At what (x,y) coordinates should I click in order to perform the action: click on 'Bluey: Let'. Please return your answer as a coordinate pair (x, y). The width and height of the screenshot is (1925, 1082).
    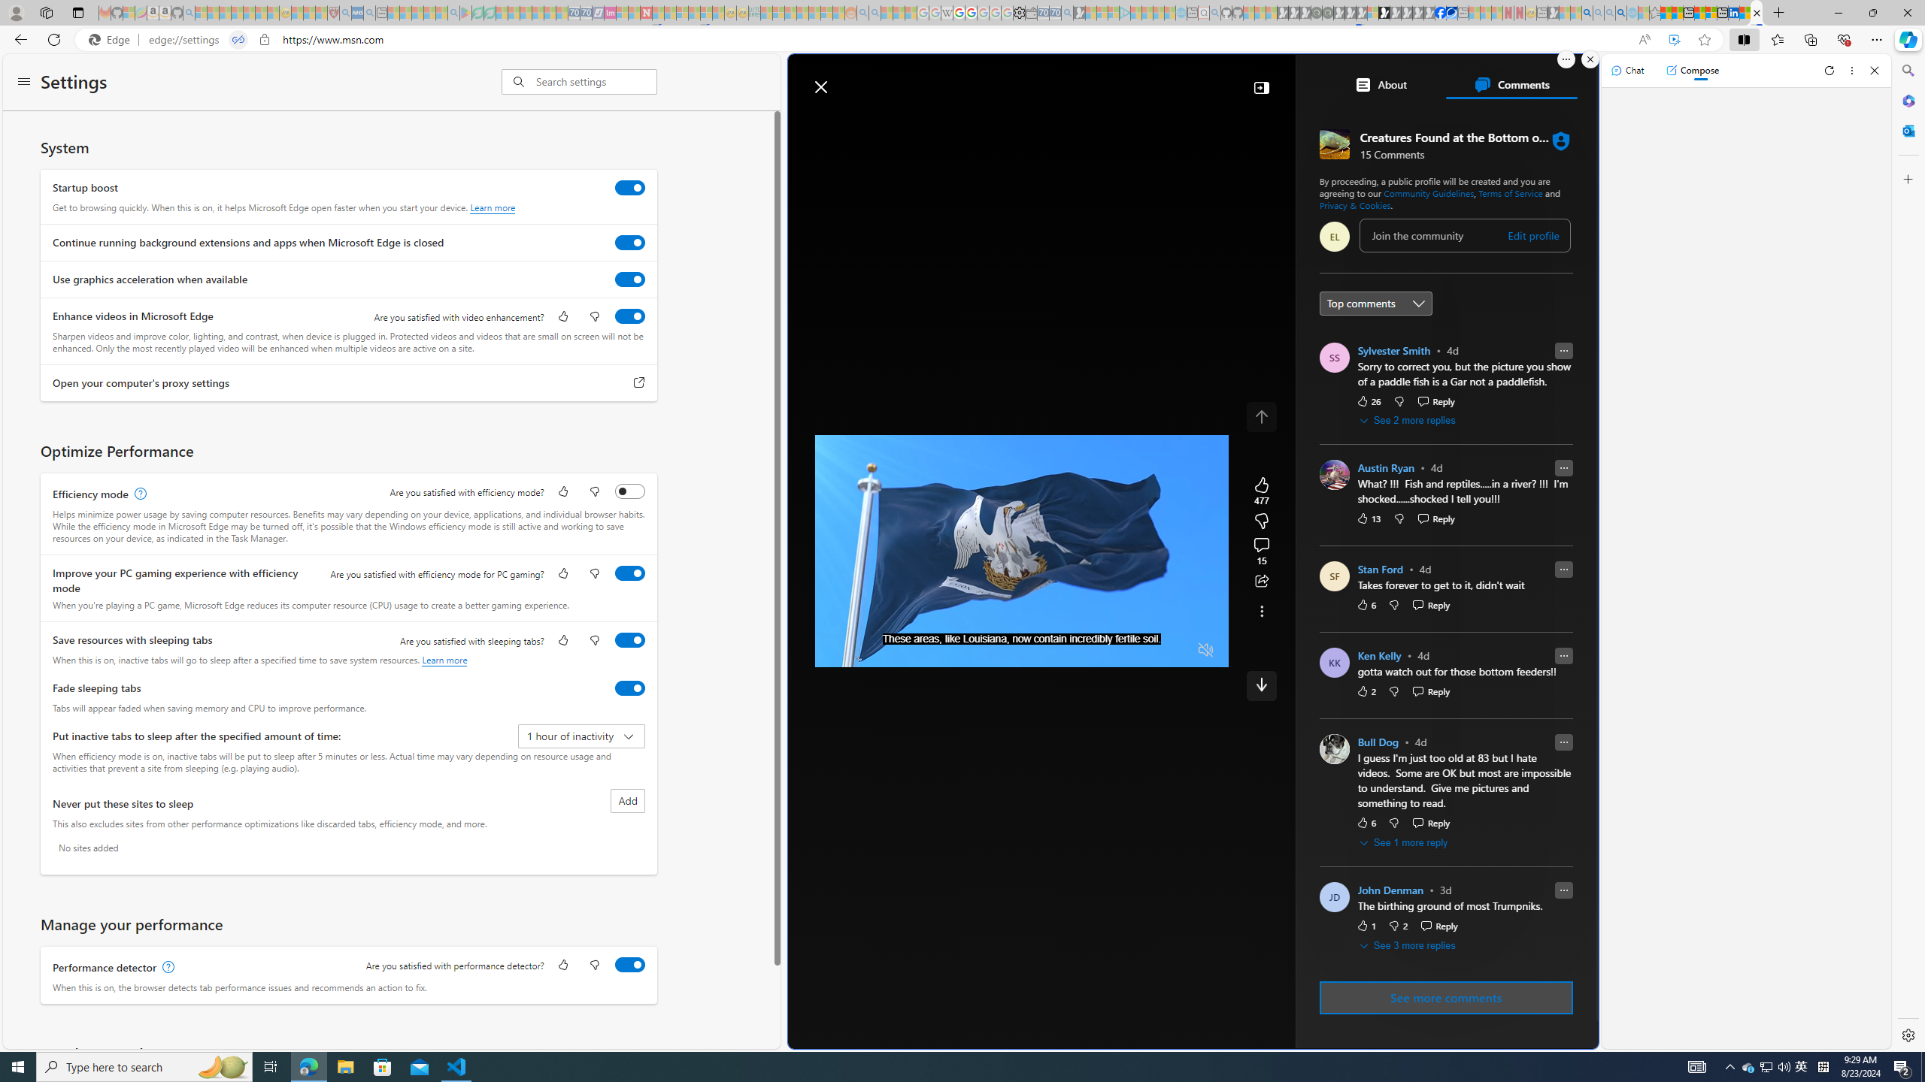
    Looking at the image, I should click on (465, 12).